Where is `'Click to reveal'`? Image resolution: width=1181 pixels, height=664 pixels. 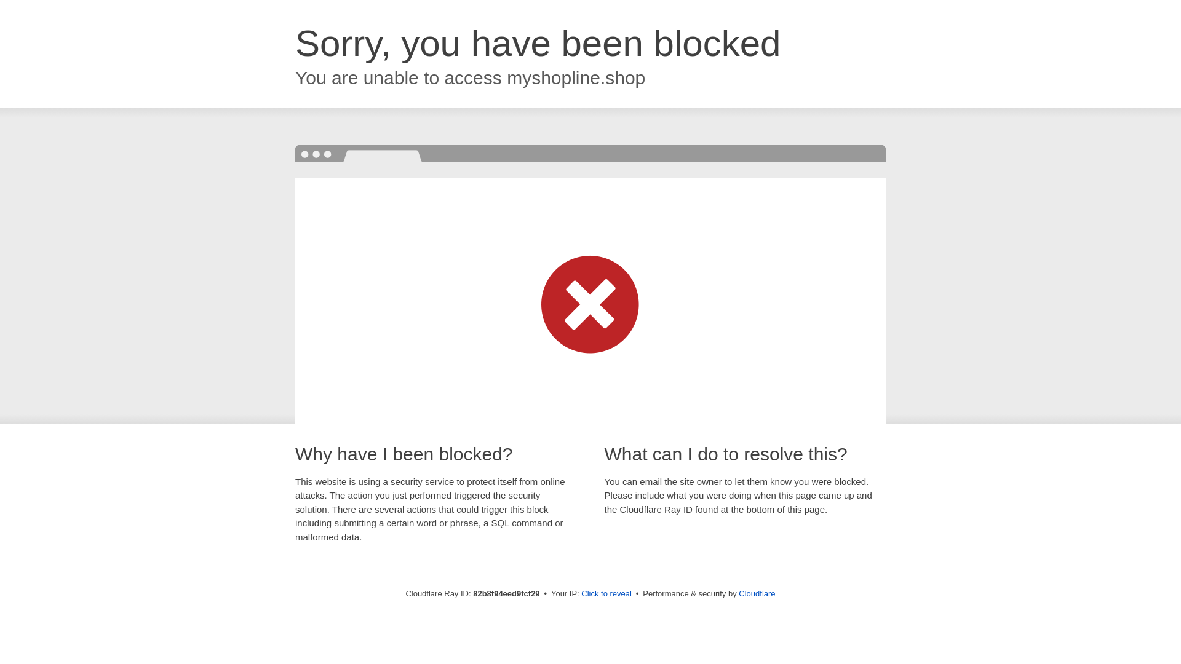
'Click to reveal' is located at coordinates (606, 593).